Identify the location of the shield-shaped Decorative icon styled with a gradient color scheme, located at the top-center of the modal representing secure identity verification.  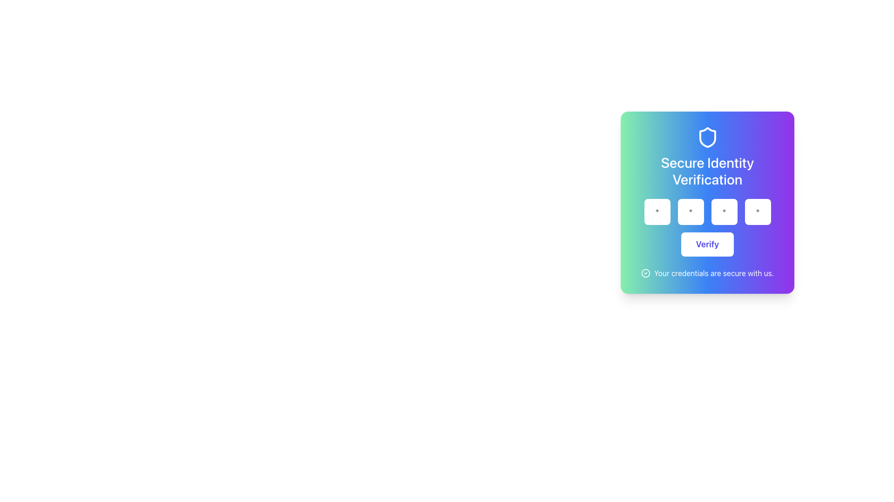
(707, 138).